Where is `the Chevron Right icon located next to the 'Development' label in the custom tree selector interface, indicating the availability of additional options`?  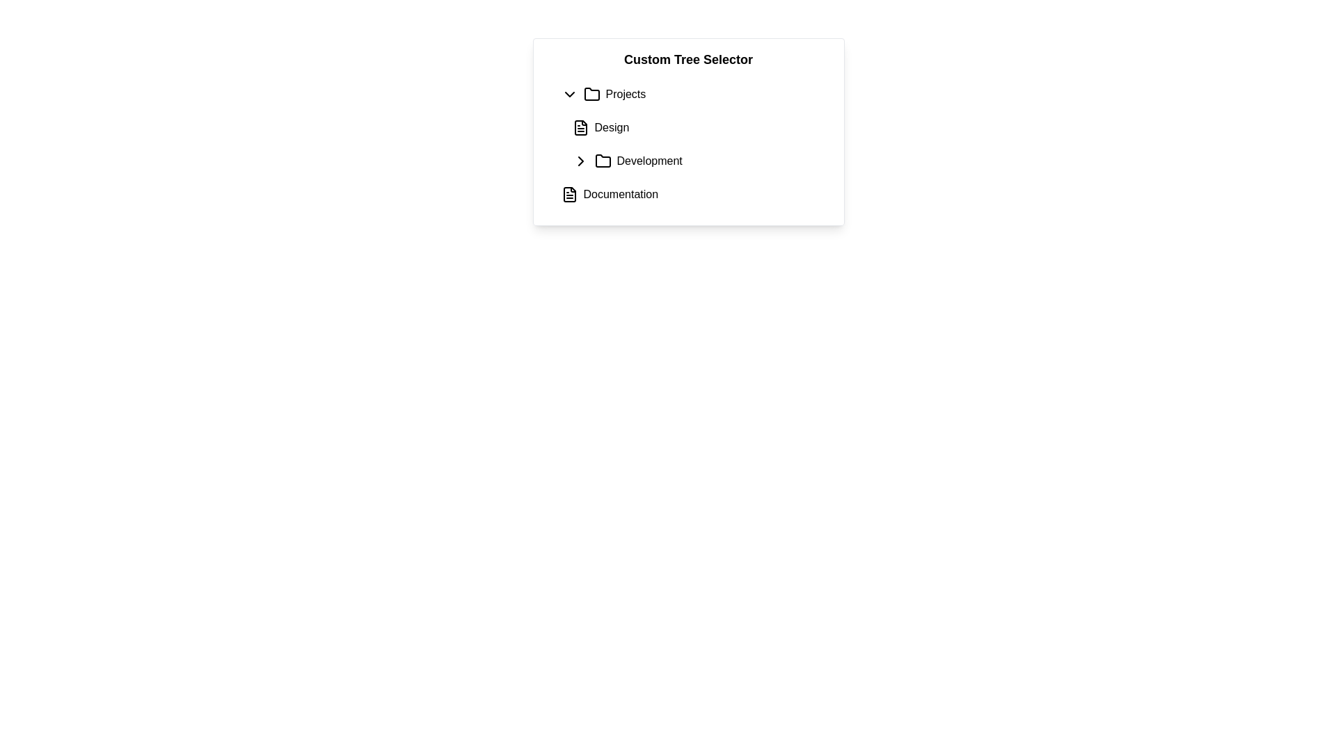 the Chevron Right icon located next to the 'Development' label in the custom tree selector interface, indicating the availability of additional options is located at coordinates (580, 160).